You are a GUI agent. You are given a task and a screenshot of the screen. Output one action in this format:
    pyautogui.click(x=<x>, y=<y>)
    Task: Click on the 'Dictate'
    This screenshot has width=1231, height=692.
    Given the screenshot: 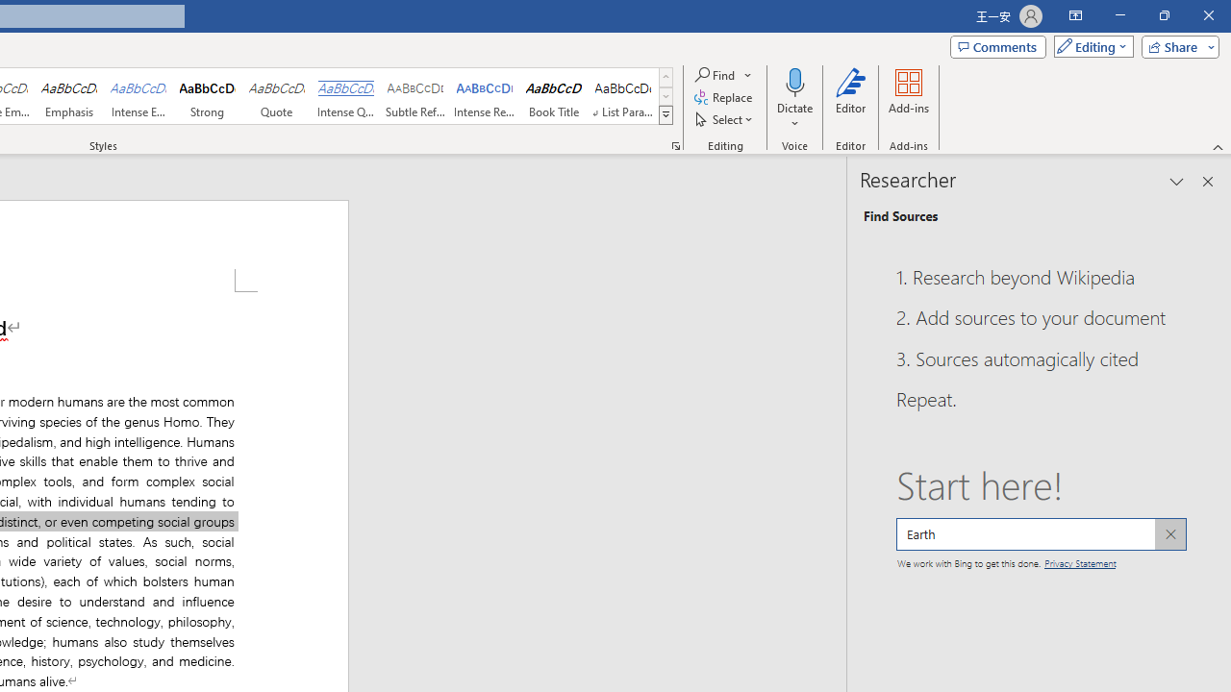 What is the action you would take?
    pyautogui.click(x=794, y=81)
    